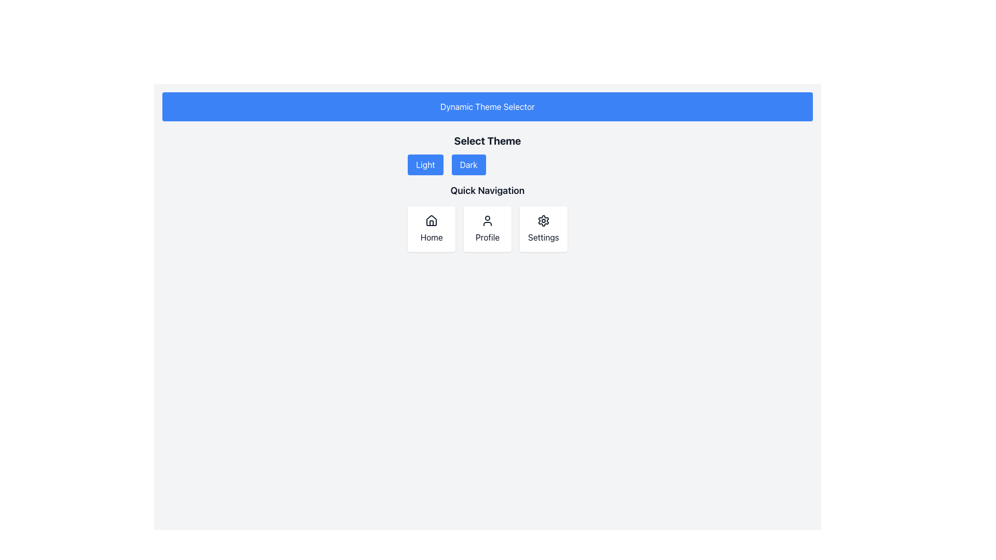 The width and height of the screenshot is (996, 560). Describe the element at coordinates (487, 220) in the screenshot. I see `the Profile icon, which resembles a simplified user figure with a circle head and semicircle shoulders, located centrally in the Quick Navigation section above the text 'Profile'` at that location.